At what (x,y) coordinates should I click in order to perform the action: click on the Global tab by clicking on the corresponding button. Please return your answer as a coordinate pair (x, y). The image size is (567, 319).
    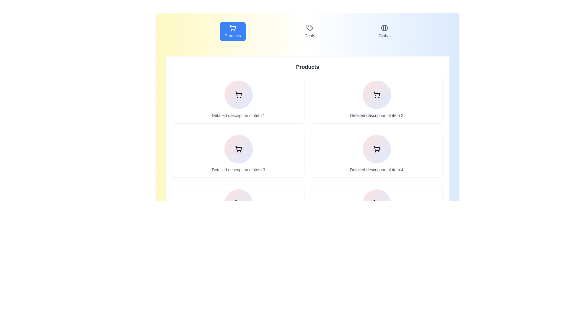
    Looking at the image, I should click on (384, 32).